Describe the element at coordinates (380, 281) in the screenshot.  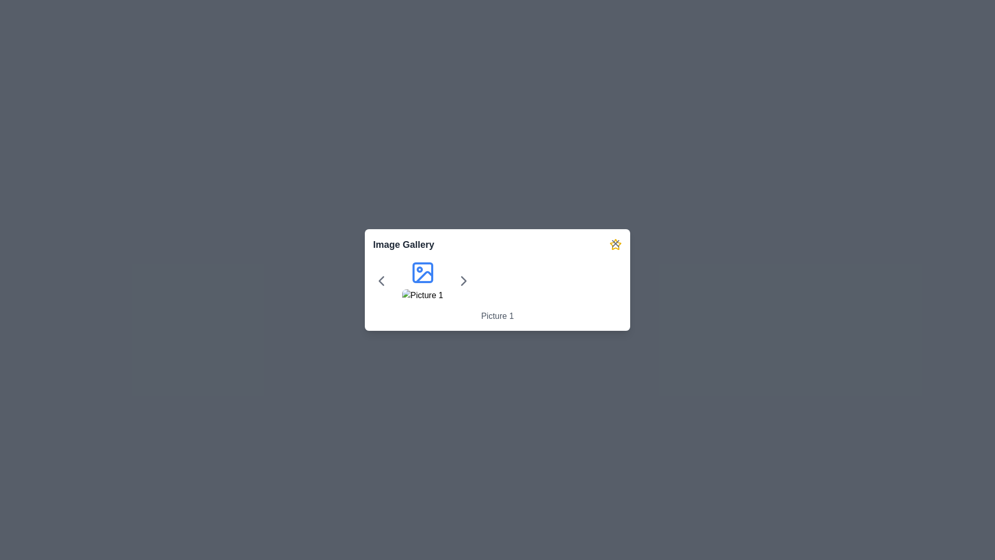
I see `the left chevron icon` at that location.